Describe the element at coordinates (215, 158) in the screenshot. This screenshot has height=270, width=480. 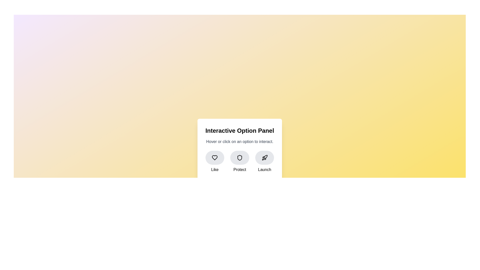
I see `the heart icon inside the 'Like' button located in the lower left section of the interactive panel` at that location.